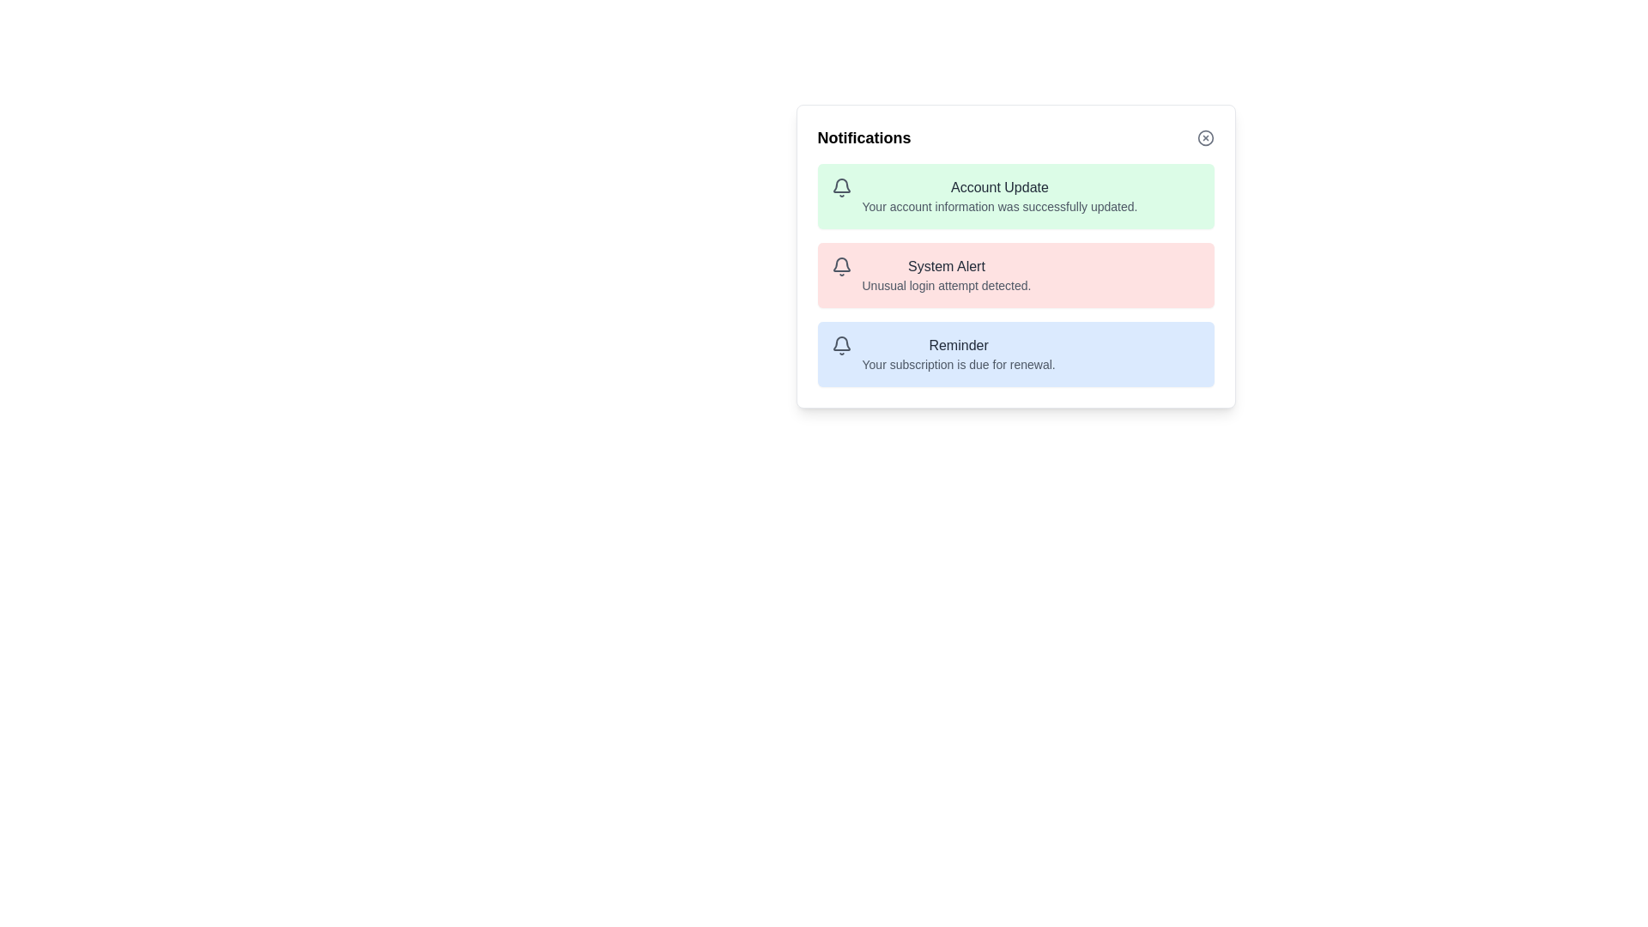 Image resolution: width=1648 pixels, height=927 pixels. What do you see at coordinates (946, 284) in the screenshot?
I see `the text label displaying 'Unusual login attempt detected.' located below the 'System Alert' text in the notification box` at bounding box center [946, 284].